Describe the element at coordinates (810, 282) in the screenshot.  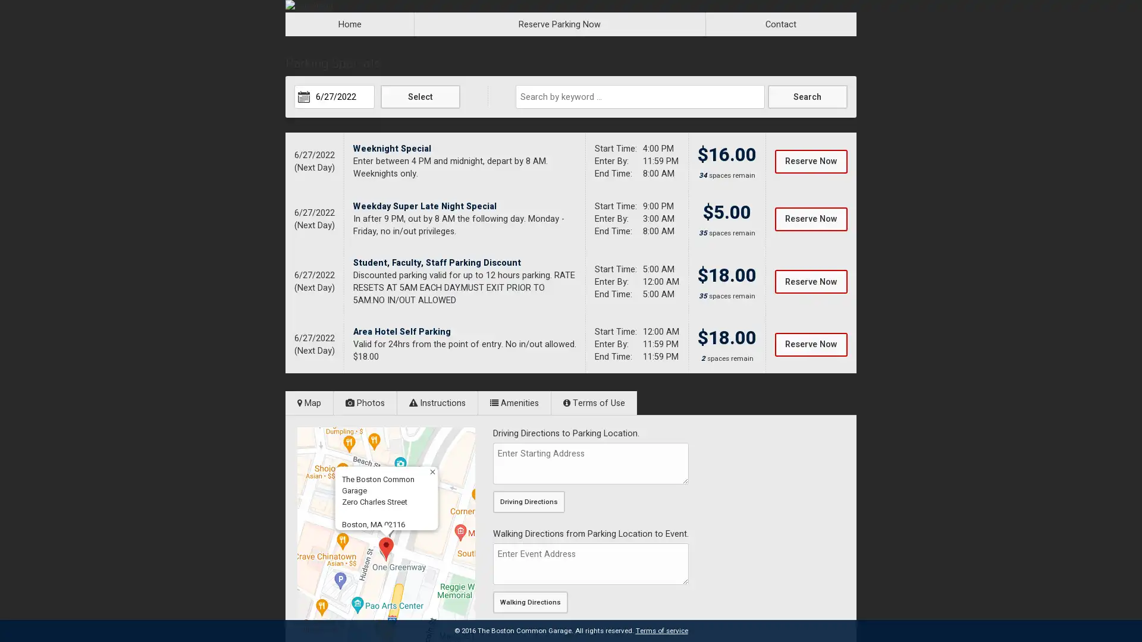
I see `Reserve Now` at that location.